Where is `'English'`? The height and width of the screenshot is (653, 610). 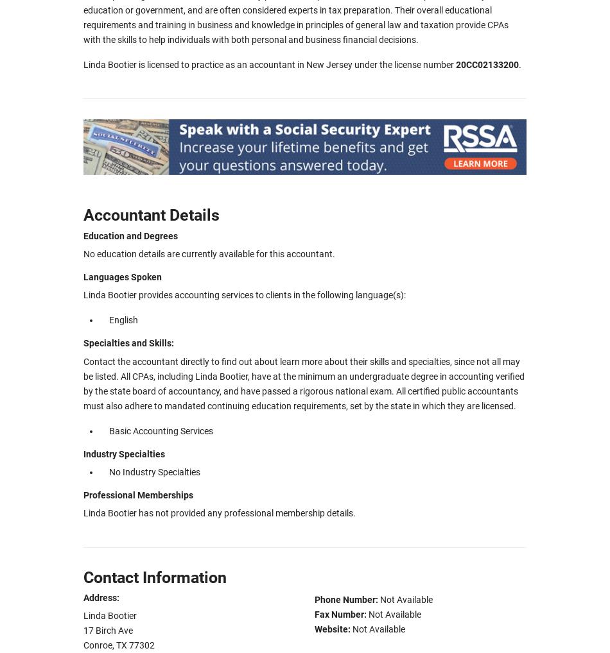 'English' is located at coordinates (123, 320).